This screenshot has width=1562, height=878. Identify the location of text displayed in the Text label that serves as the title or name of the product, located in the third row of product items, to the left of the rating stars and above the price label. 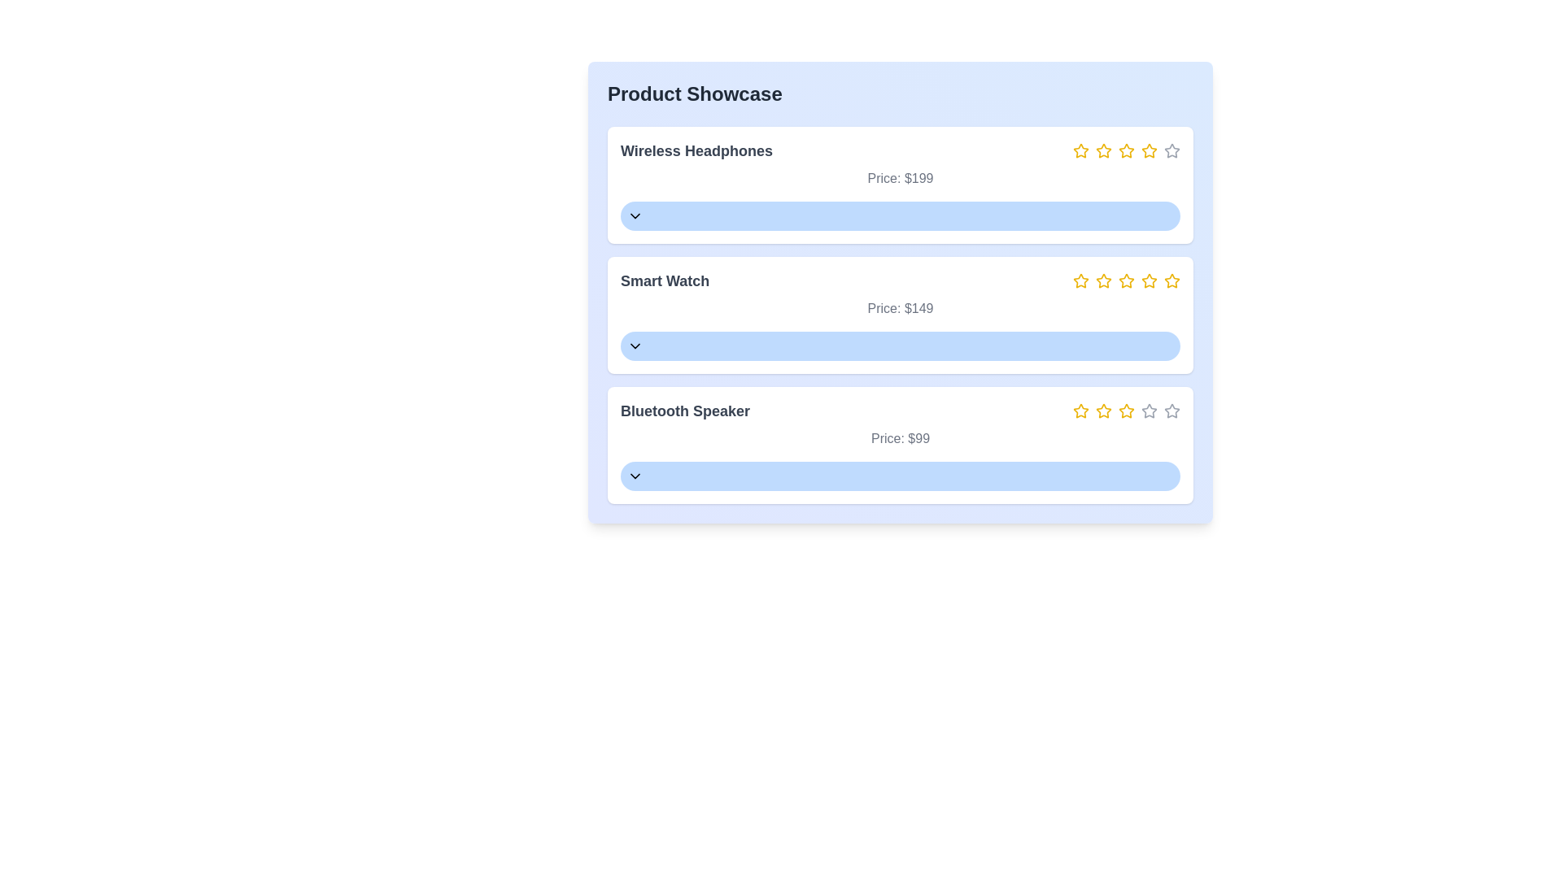
(685, 410).